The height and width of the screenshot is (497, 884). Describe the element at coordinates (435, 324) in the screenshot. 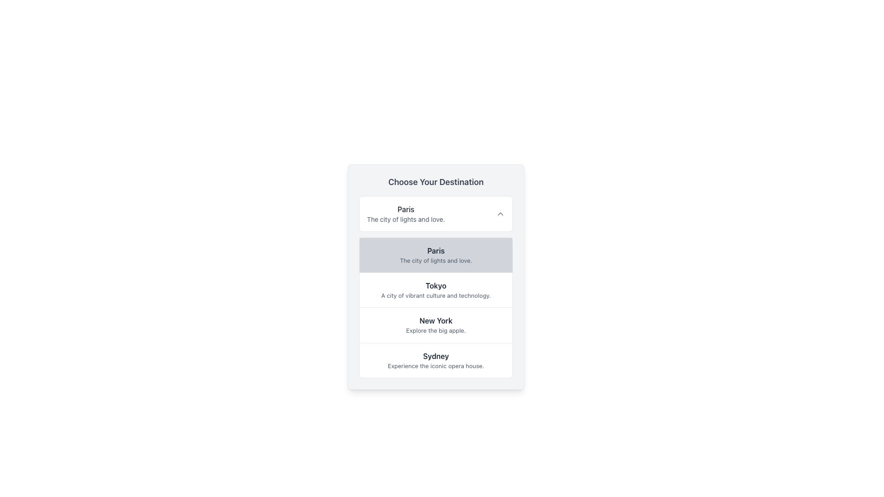

I see `the third item in the vertically arranged list titled 'Choose Your Destination'` at that location.